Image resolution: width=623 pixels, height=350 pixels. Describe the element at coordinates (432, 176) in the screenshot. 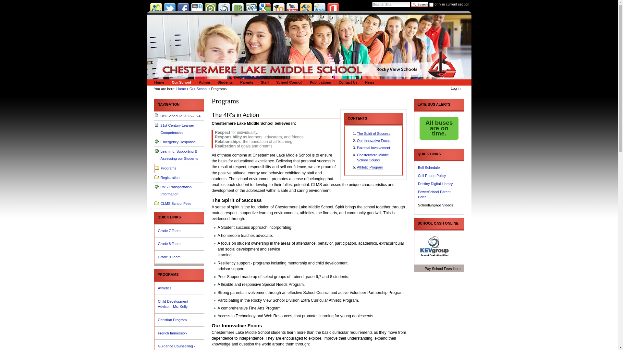

I see `'Cell Phone Policy'` at that location.